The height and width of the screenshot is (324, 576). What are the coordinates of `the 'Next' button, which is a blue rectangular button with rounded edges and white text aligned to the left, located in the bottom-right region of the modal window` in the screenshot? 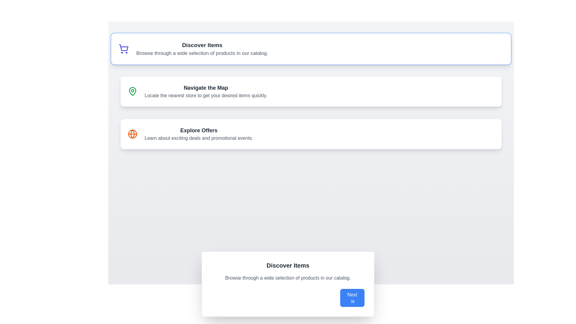 It's located at (352, 298).